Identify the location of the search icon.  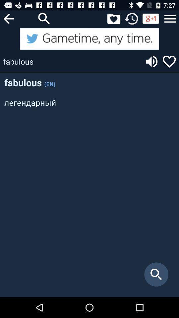
(44, 18).